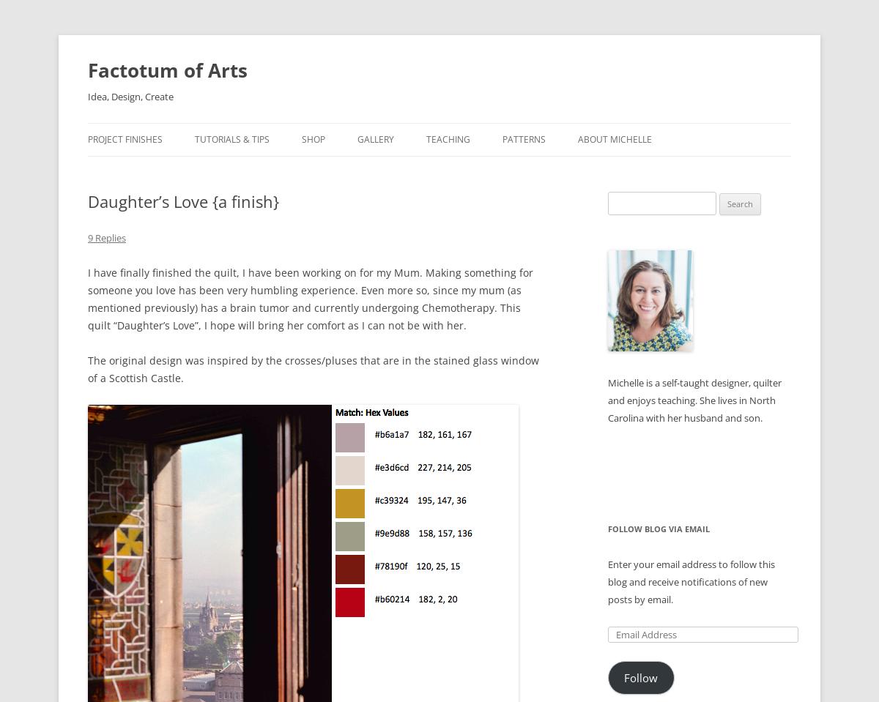 The width and height of the screenshot is (879, 702). I want to click on 'Patterns', so click(502, 138).